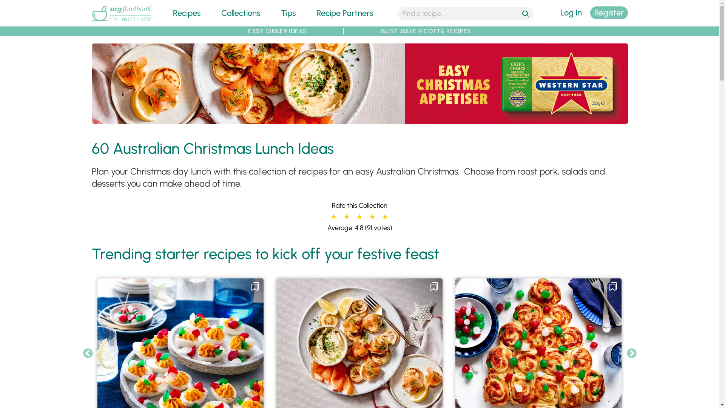 This screenshot has width=725, height=408. Describe the element at coordinates (369, 217) in the screenshot. I see `'Give it 4/5'` at that location.